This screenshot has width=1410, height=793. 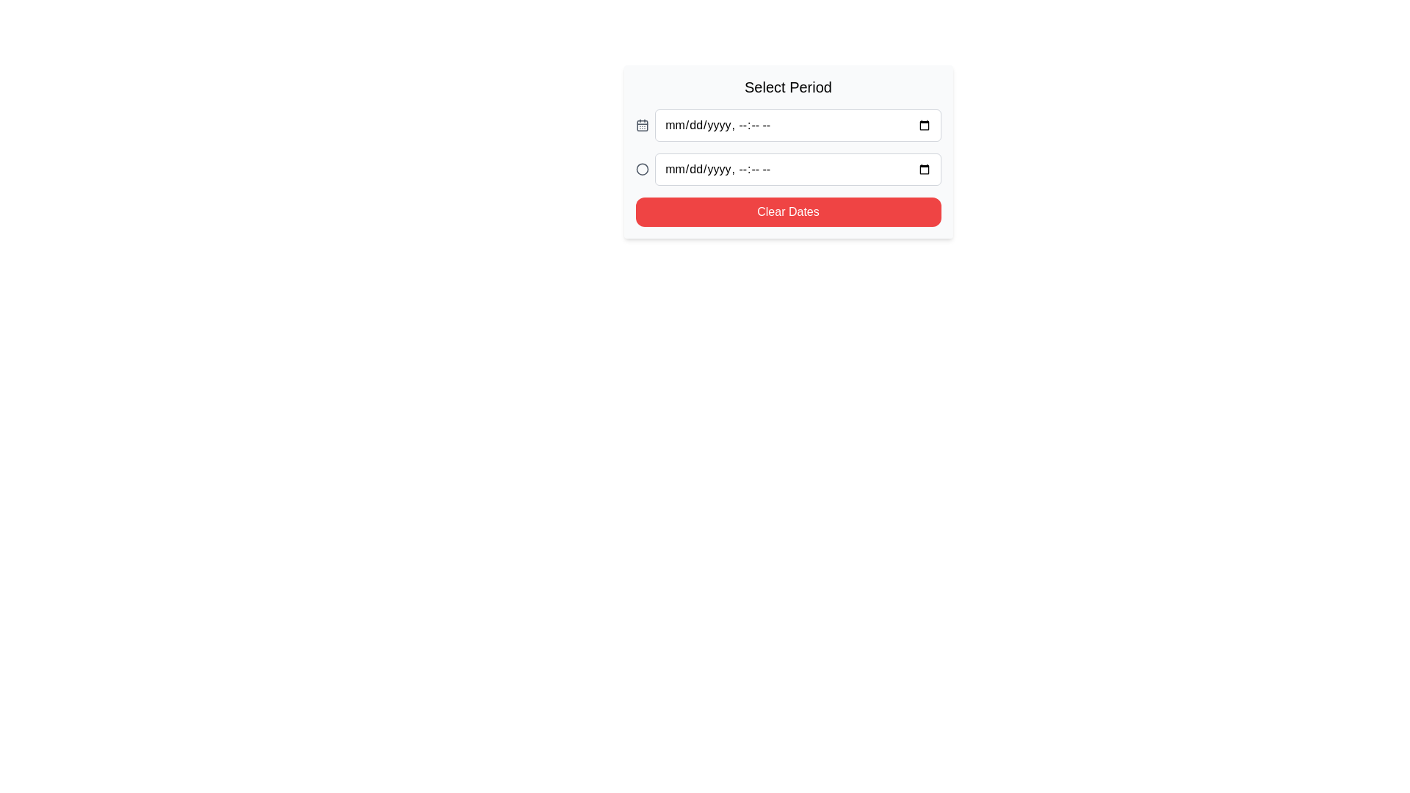 I want to click on the clear button located at the bottom of the form, so click(x=787, y=212).